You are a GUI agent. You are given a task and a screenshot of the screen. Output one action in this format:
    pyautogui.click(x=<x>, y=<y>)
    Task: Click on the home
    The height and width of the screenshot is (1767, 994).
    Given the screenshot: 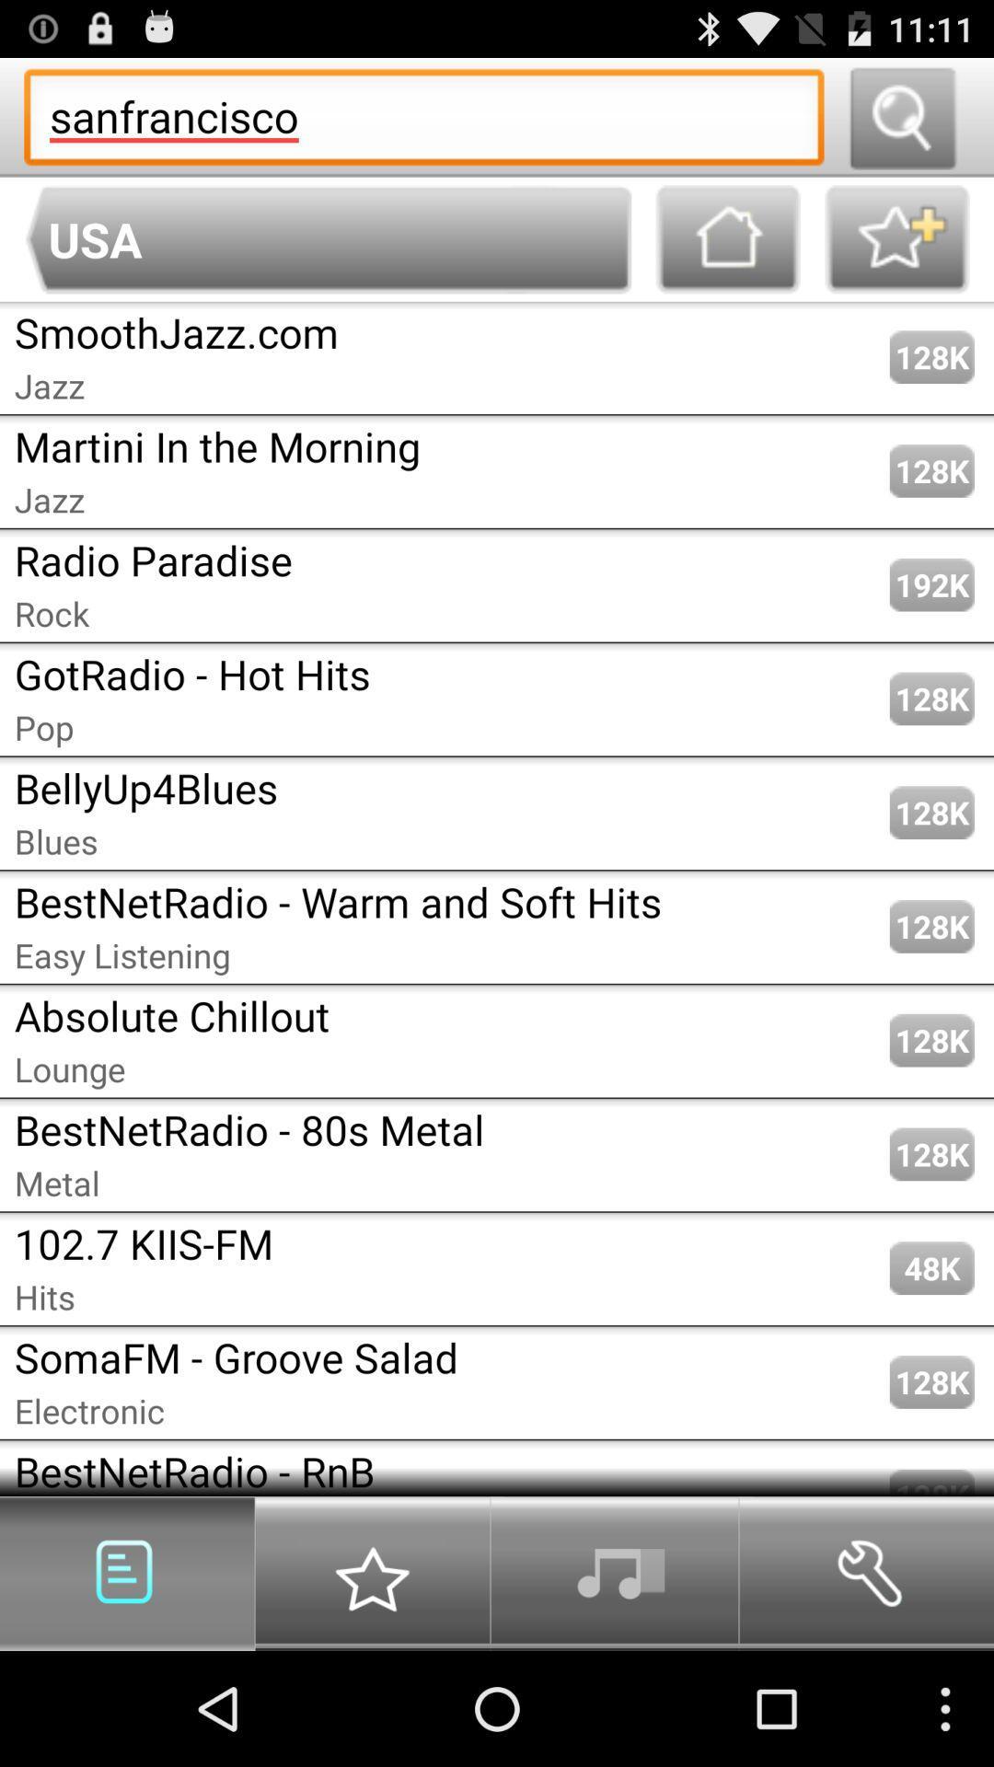 What is the action you would take?
    pyautogui.click(x=727, y=238)
    